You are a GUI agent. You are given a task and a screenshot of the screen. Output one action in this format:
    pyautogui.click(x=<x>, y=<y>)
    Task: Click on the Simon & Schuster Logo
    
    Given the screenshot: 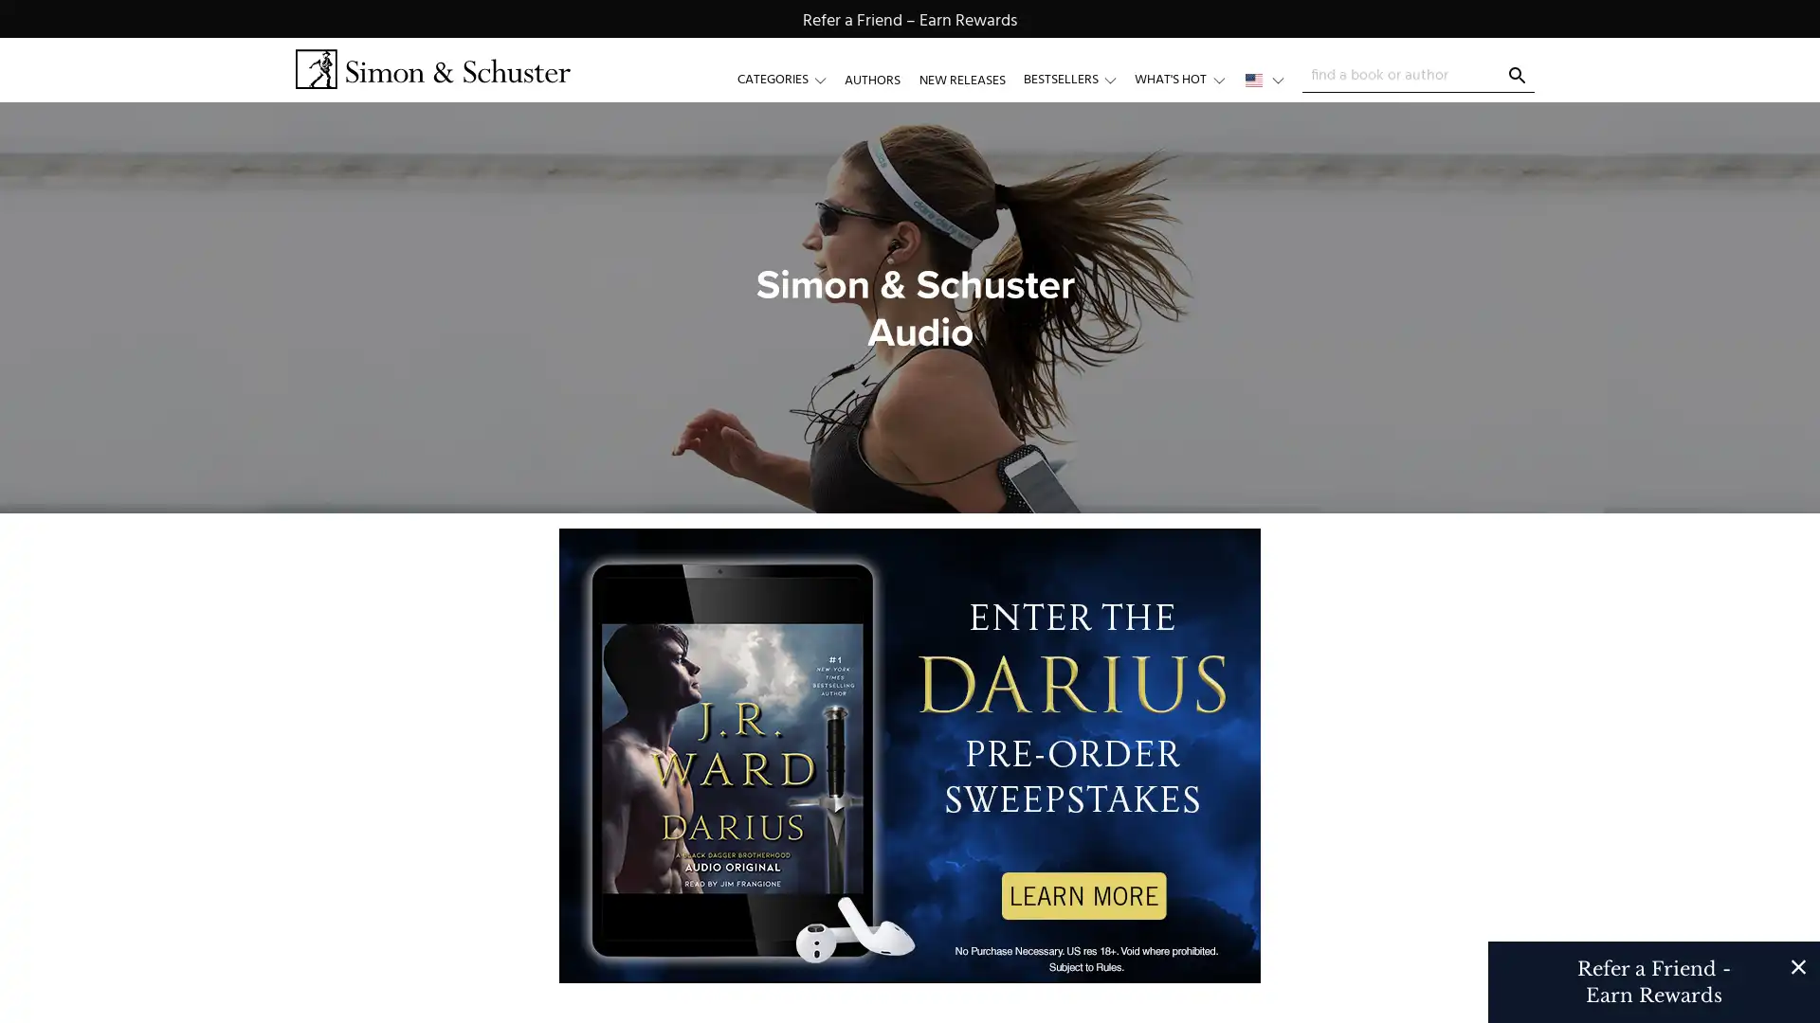 What is the action you would take?
    pyautogui.click(x=431, y=68)
    